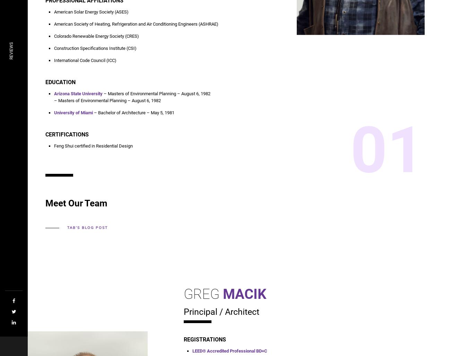  I want to click on 'Tab’s Blog Post', so click(87, 228).